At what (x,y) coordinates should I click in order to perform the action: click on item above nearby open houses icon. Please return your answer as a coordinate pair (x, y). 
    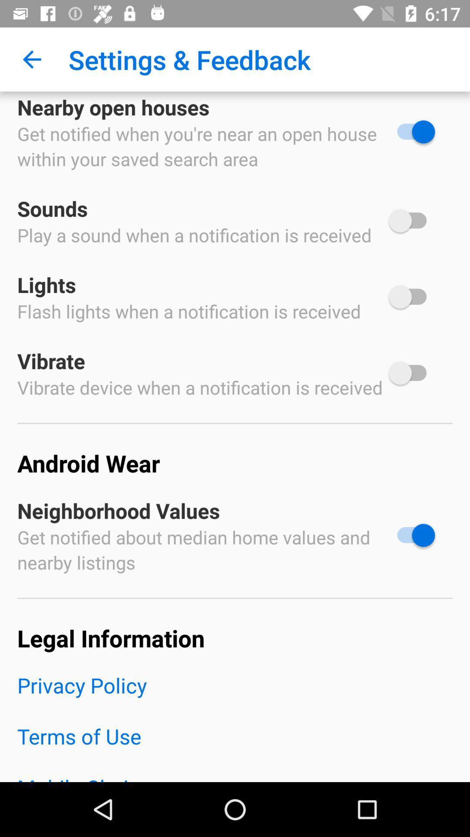
    Looking at the image, I should click on (31, 59).